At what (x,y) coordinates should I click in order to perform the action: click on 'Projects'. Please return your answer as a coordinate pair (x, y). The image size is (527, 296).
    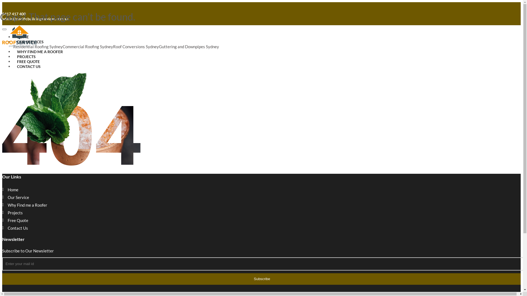
    Looking at the image, I should click on (15, 212).